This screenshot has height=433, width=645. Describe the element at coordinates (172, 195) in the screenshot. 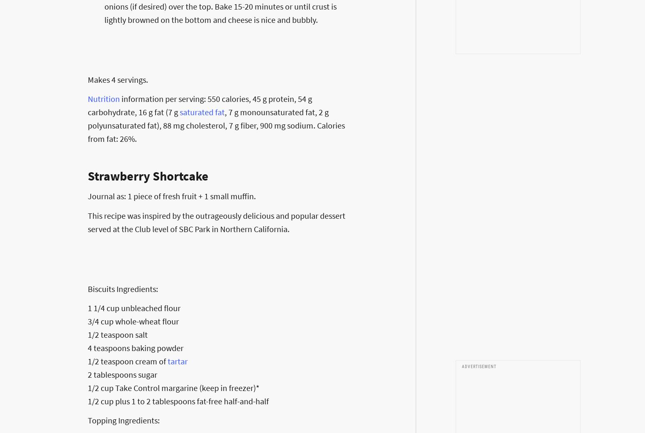

I see `'Journal as: 1 piece of fresh fruit + 1 small muffin.'` at that location.